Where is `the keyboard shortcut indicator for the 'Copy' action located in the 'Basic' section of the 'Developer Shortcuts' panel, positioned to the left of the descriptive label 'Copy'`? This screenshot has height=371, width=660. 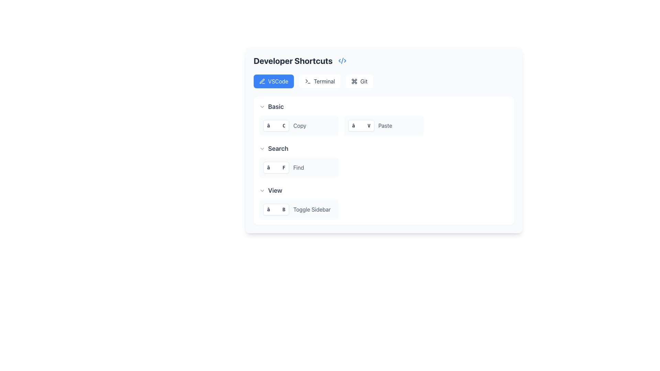 the keyboard shortcut indicator for the 'Copy' action located in the 'Basic' section of the 'Developer Shortcuts' panel, positioned to the left of the descriptive label 'Copy' is located at coordinates (276, 126).